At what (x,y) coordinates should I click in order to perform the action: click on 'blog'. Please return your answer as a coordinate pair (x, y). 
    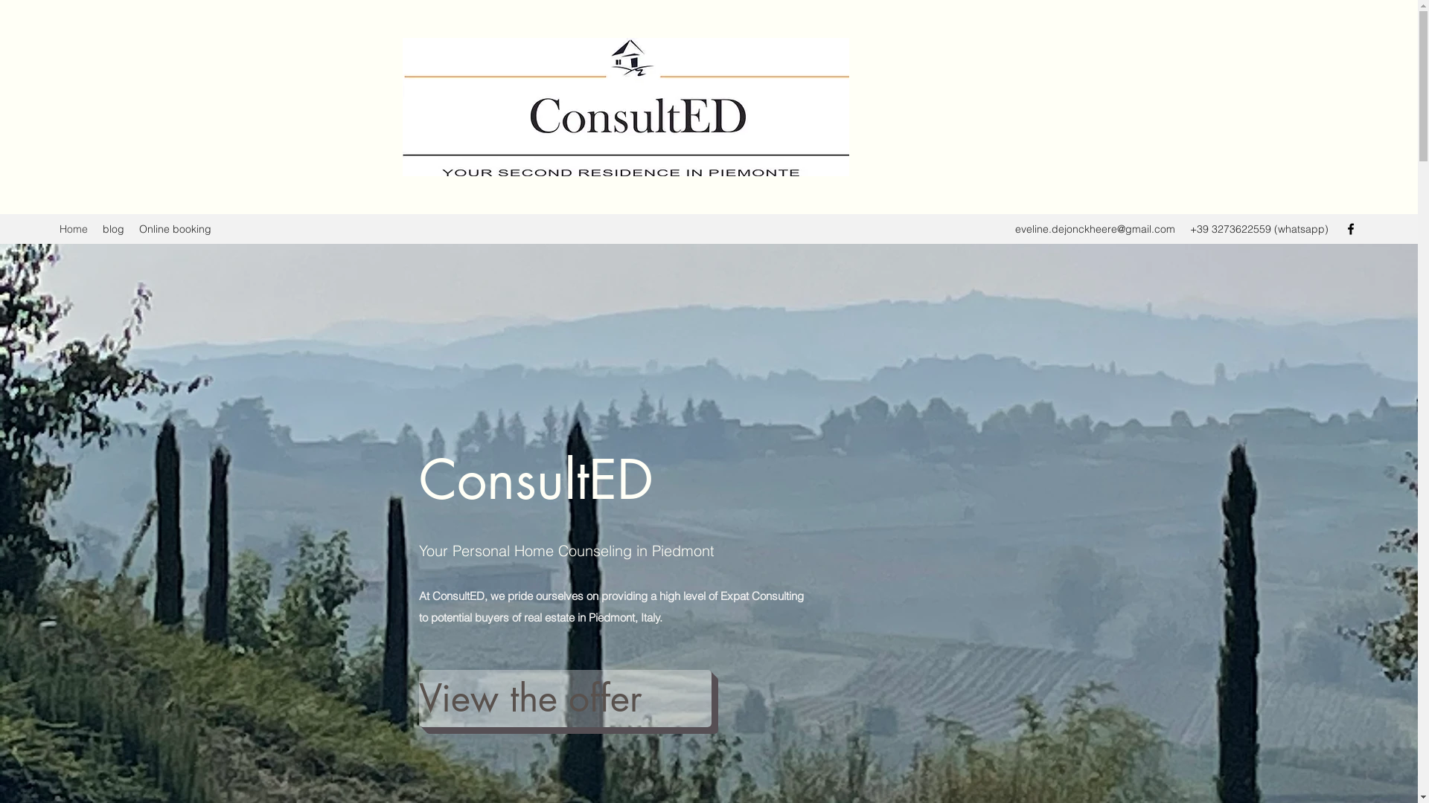
    Looking at the image, I should click on (95, 229).